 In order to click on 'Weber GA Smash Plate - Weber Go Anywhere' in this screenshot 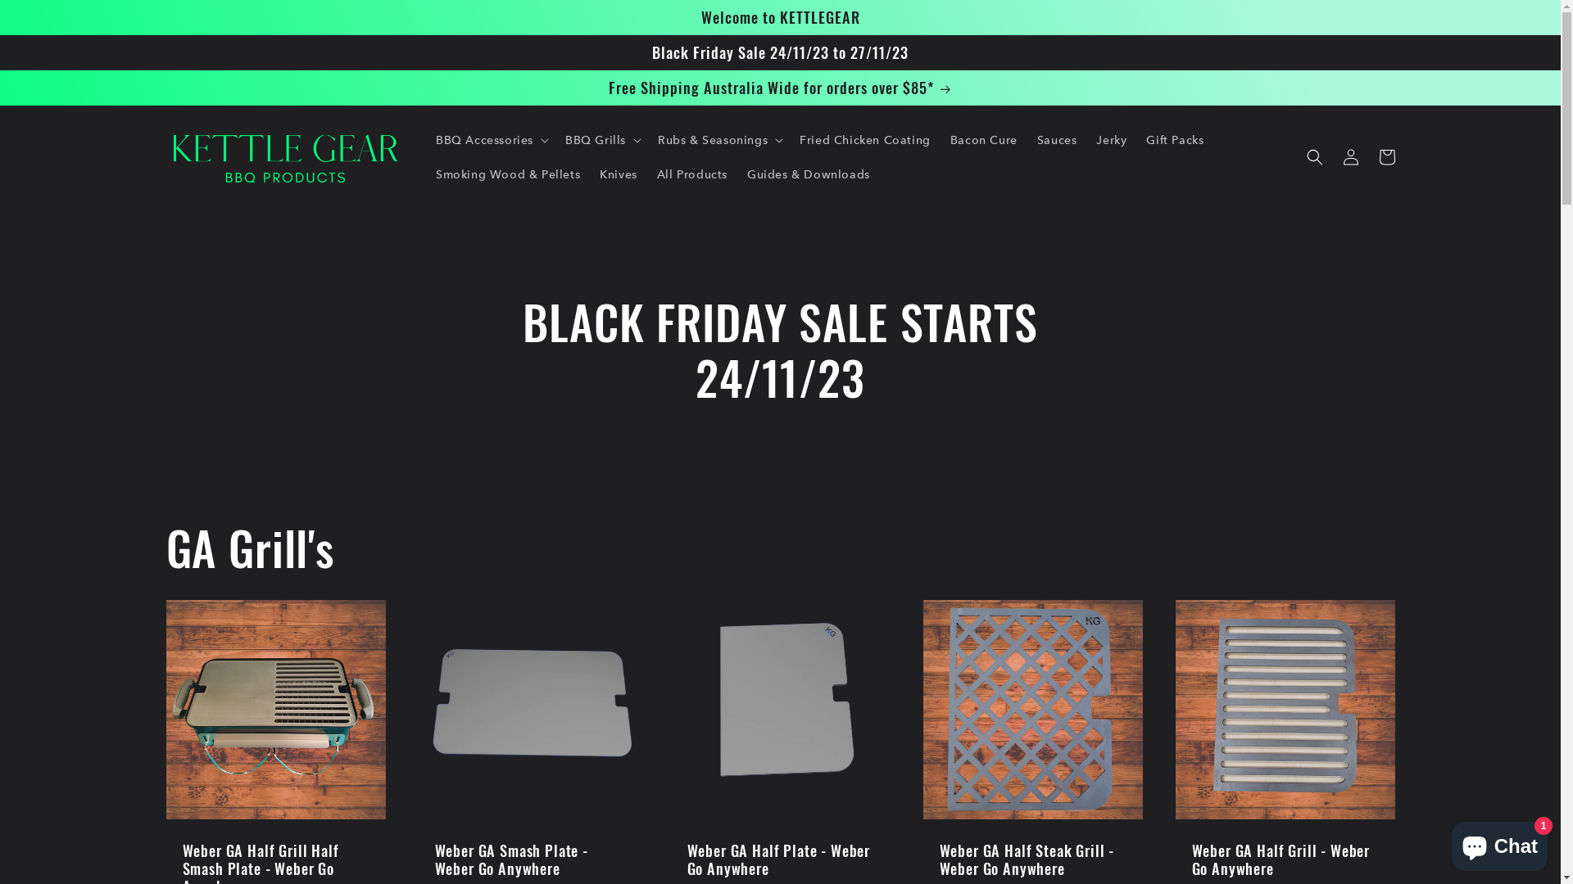, I will do `click(527, 858)`.